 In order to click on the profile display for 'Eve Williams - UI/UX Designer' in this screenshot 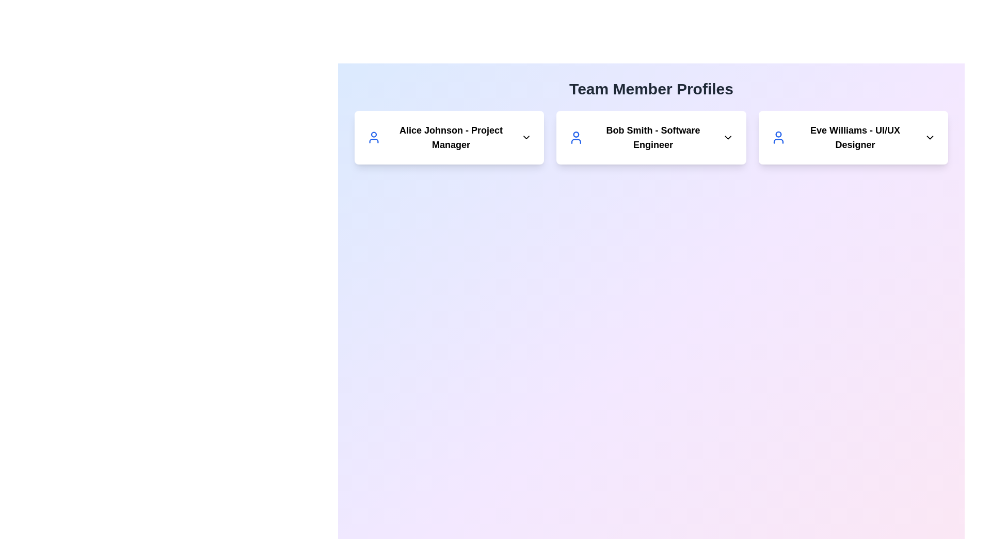, I will do `click(853, 137)`.